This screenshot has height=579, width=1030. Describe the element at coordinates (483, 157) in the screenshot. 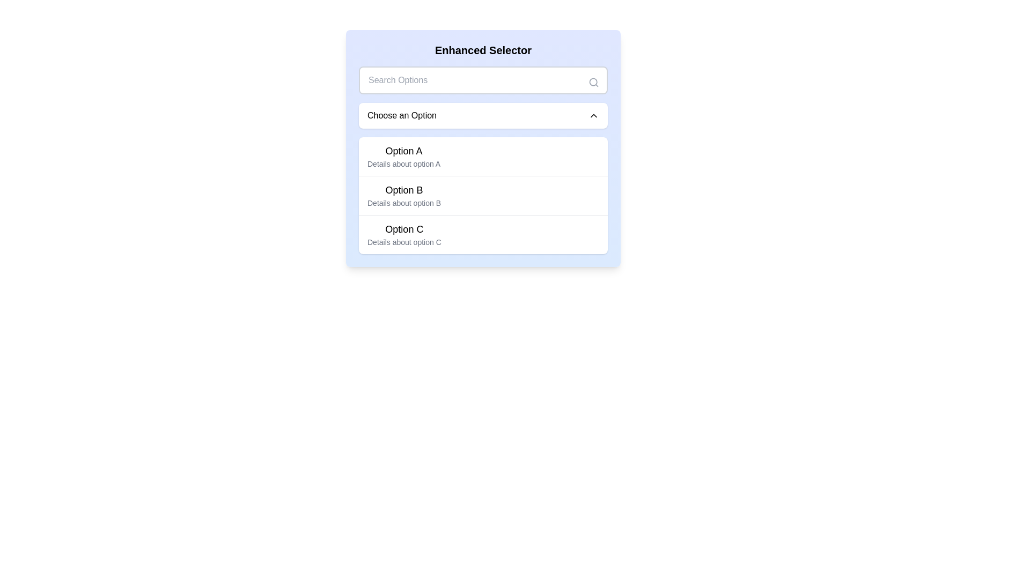

I see `the first selectable option in the list, which represents 'Option A'` at that location.